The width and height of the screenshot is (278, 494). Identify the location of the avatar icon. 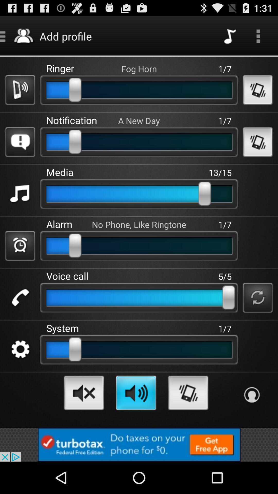
(251, 423).